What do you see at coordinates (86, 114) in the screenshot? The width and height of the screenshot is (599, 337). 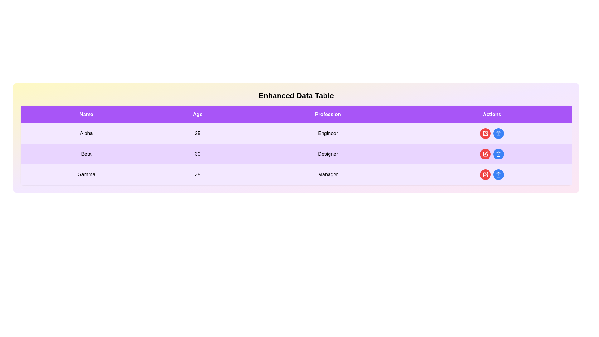 I see `the Name header to sort the table by that column` at bounding box center [86, 114].